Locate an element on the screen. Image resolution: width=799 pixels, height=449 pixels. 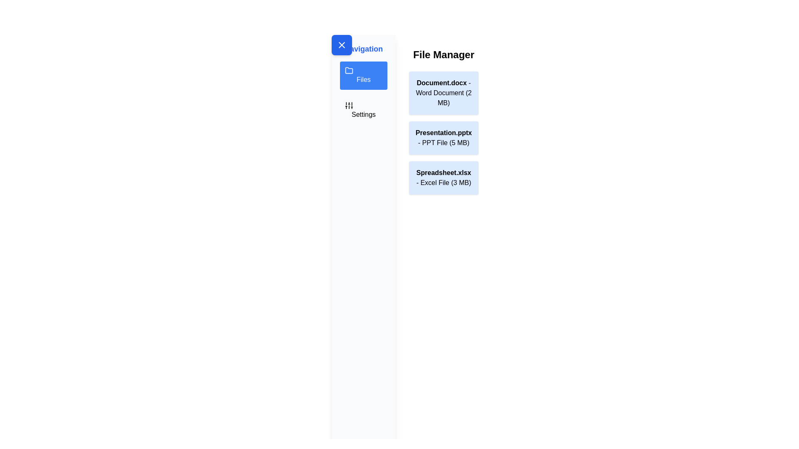
the text label displaying 'Presentation.pptx' is located at coordinates (443, 132).